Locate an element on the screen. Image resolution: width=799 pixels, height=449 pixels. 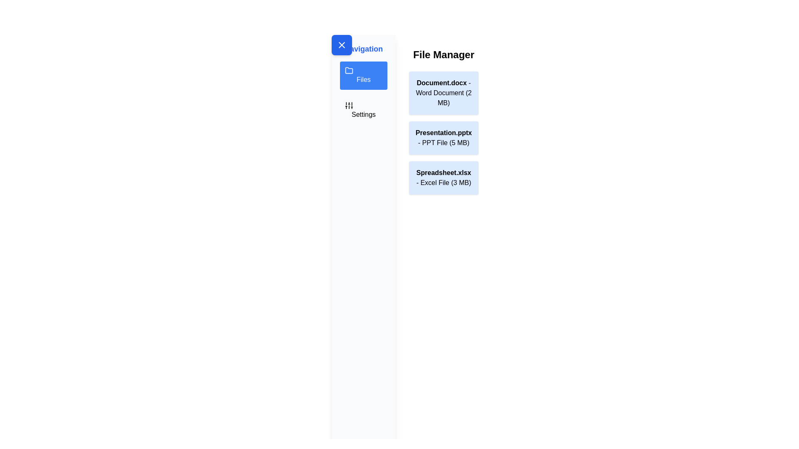
the text label displaying 'Presentation.pptx' is located at coordinates (443, 132).